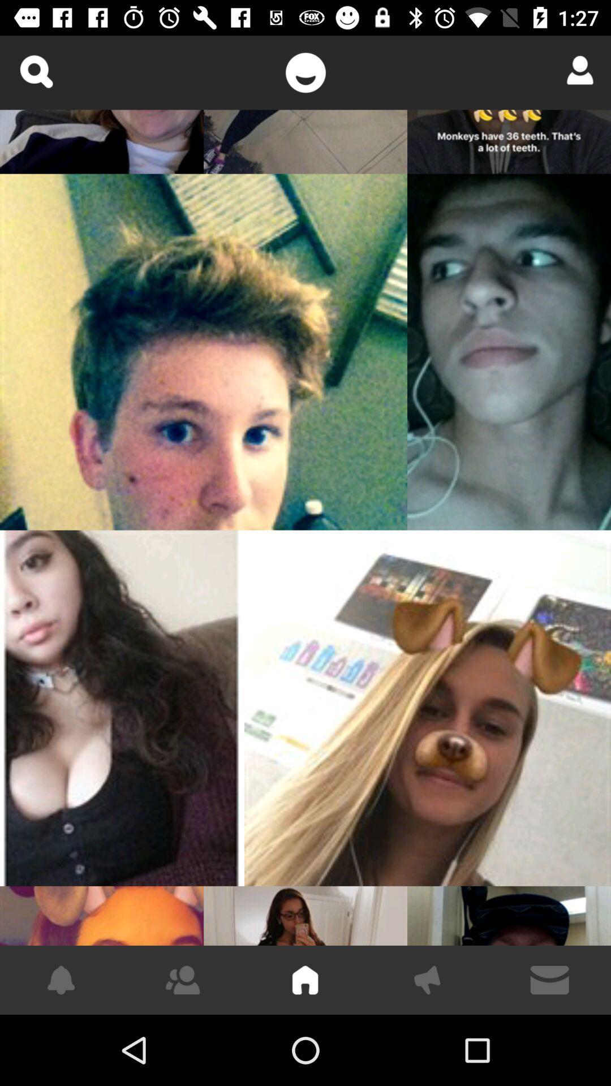 This screenshot has height=1086, width=611. I want to click on the search icon, so click(35, 71).